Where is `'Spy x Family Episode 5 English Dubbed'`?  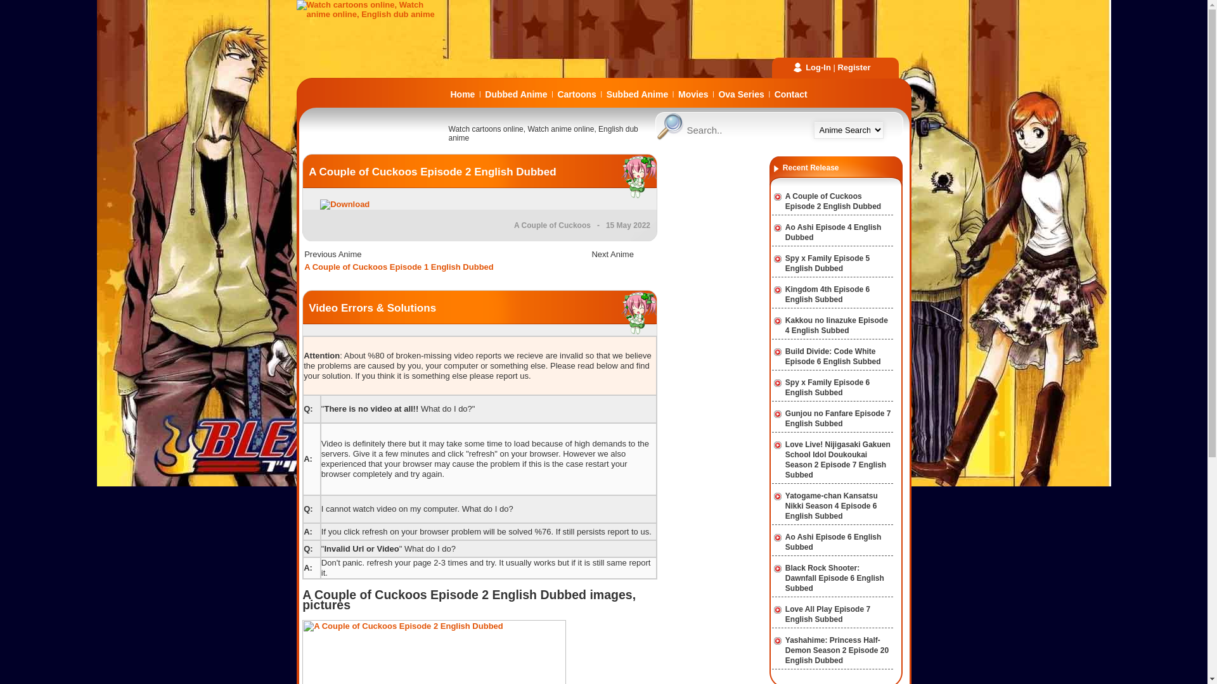
'Spy x Family Episode 5 English Dubbed' is located at coordinates (784, 263).